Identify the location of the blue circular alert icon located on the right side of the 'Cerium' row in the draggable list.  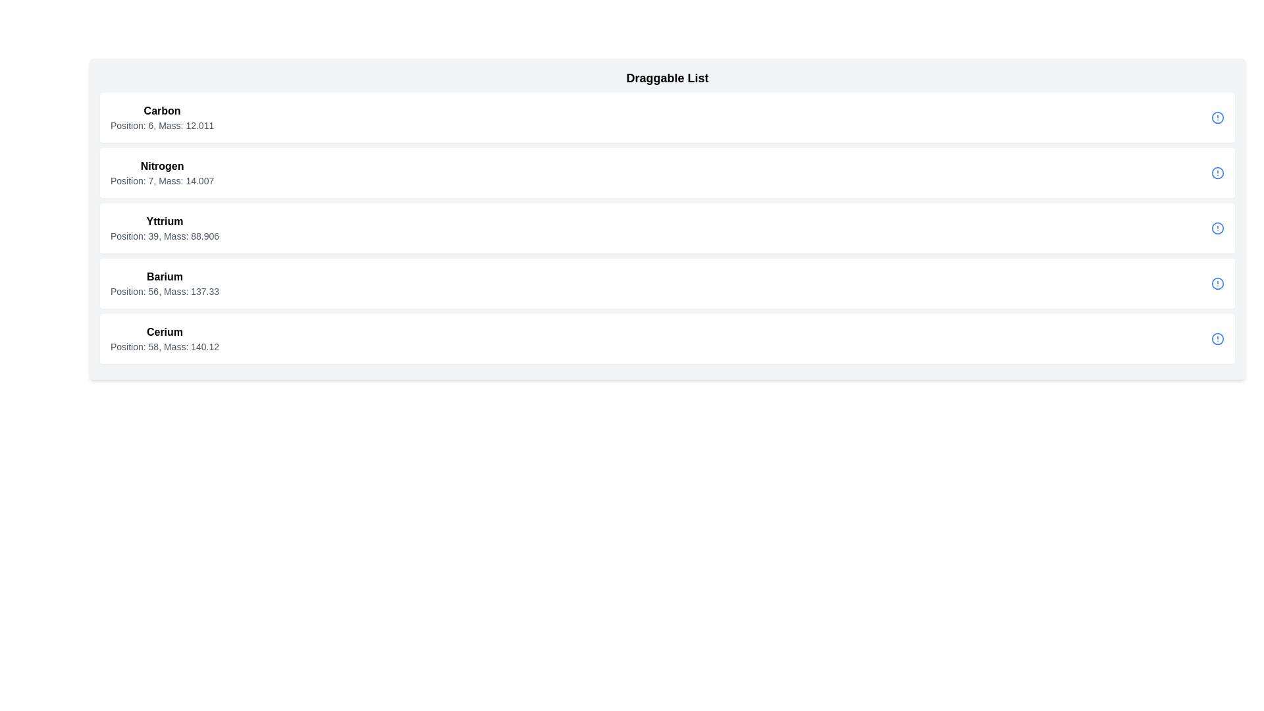
(1217, 338).